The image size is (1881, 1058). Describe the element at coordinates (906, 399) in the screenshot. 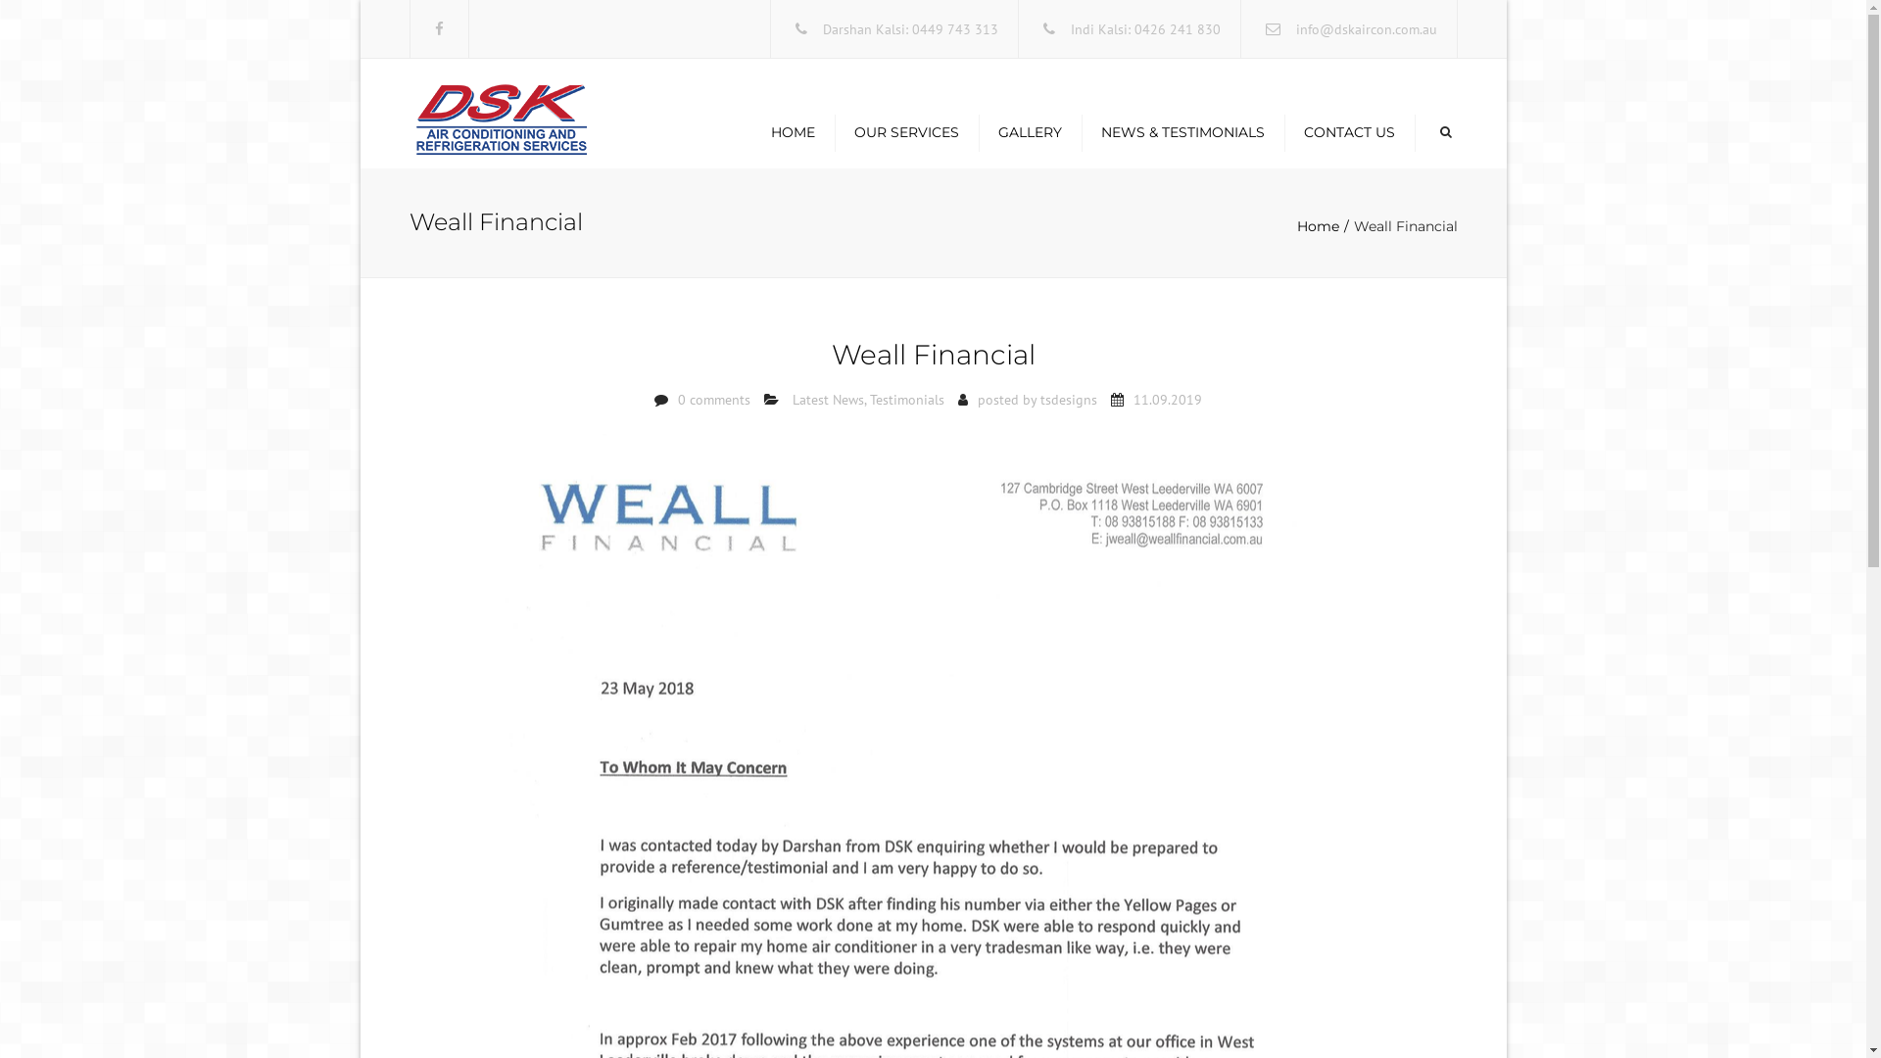

I see `'Testimonials'` at that location.